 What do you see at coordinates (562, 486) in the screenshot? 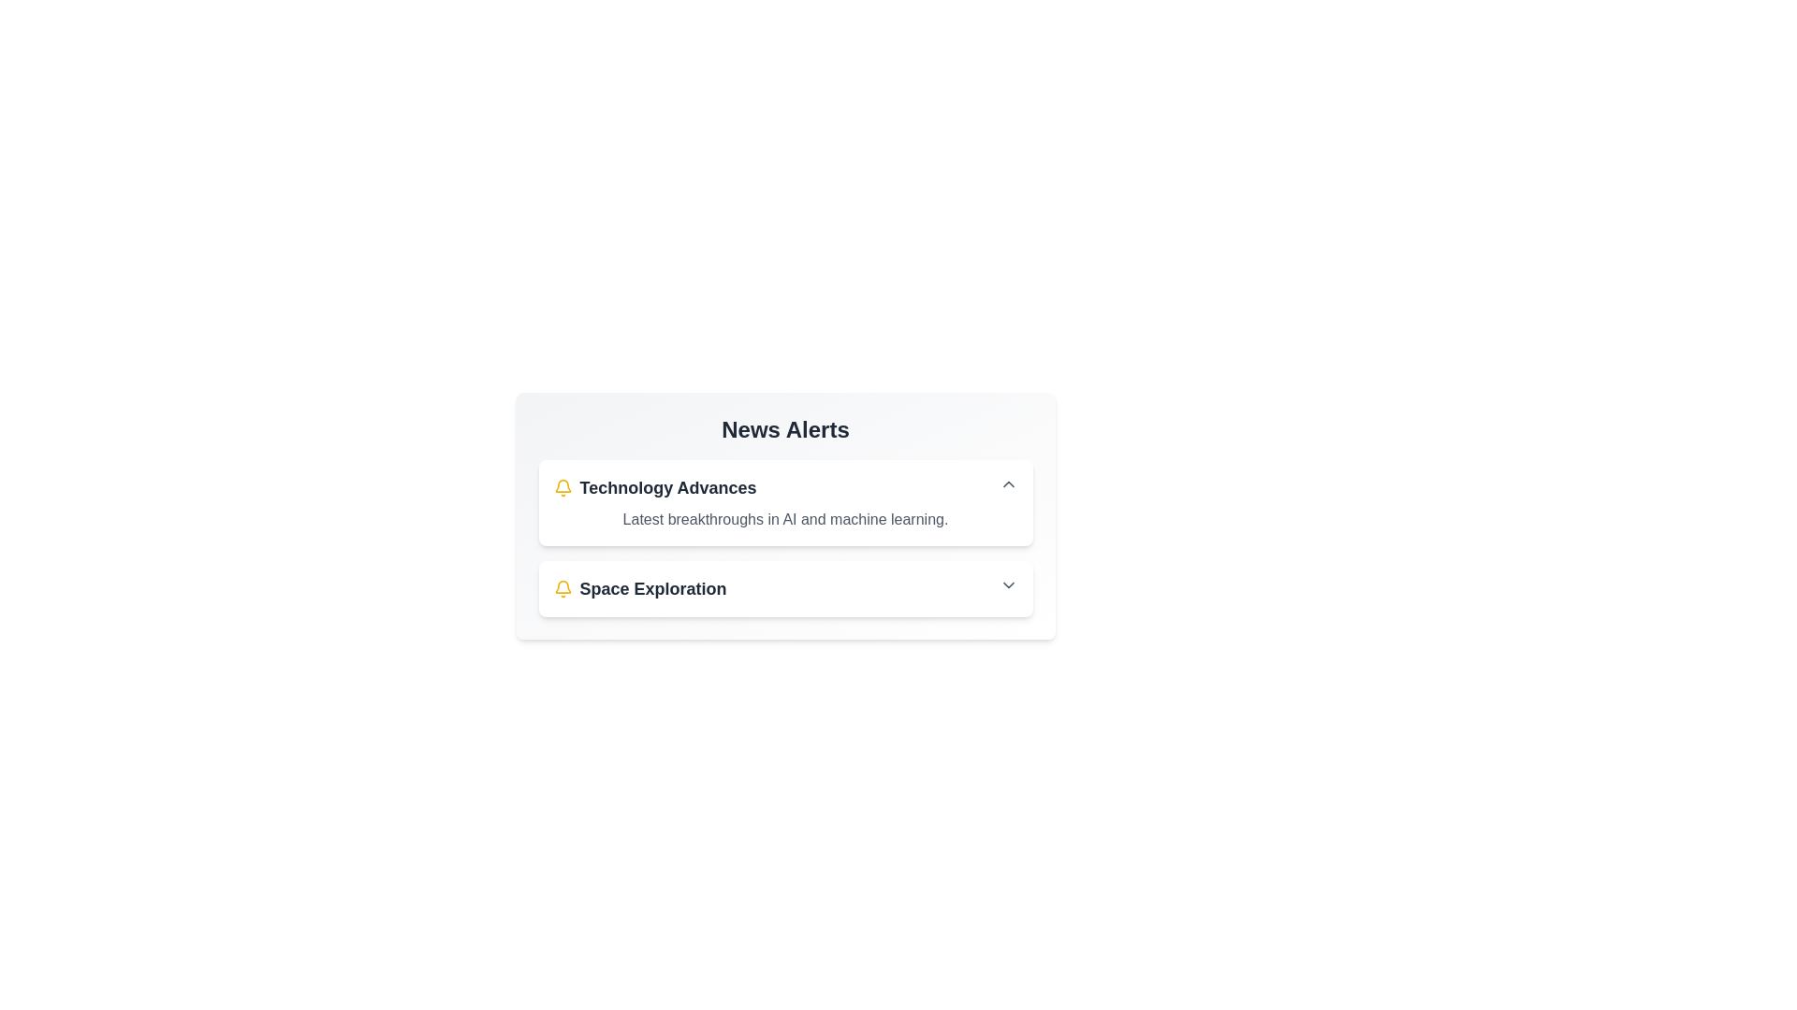
I see `the icon accompanying the news item titled 'Technology Advances'` at bounding box center [562, 486].